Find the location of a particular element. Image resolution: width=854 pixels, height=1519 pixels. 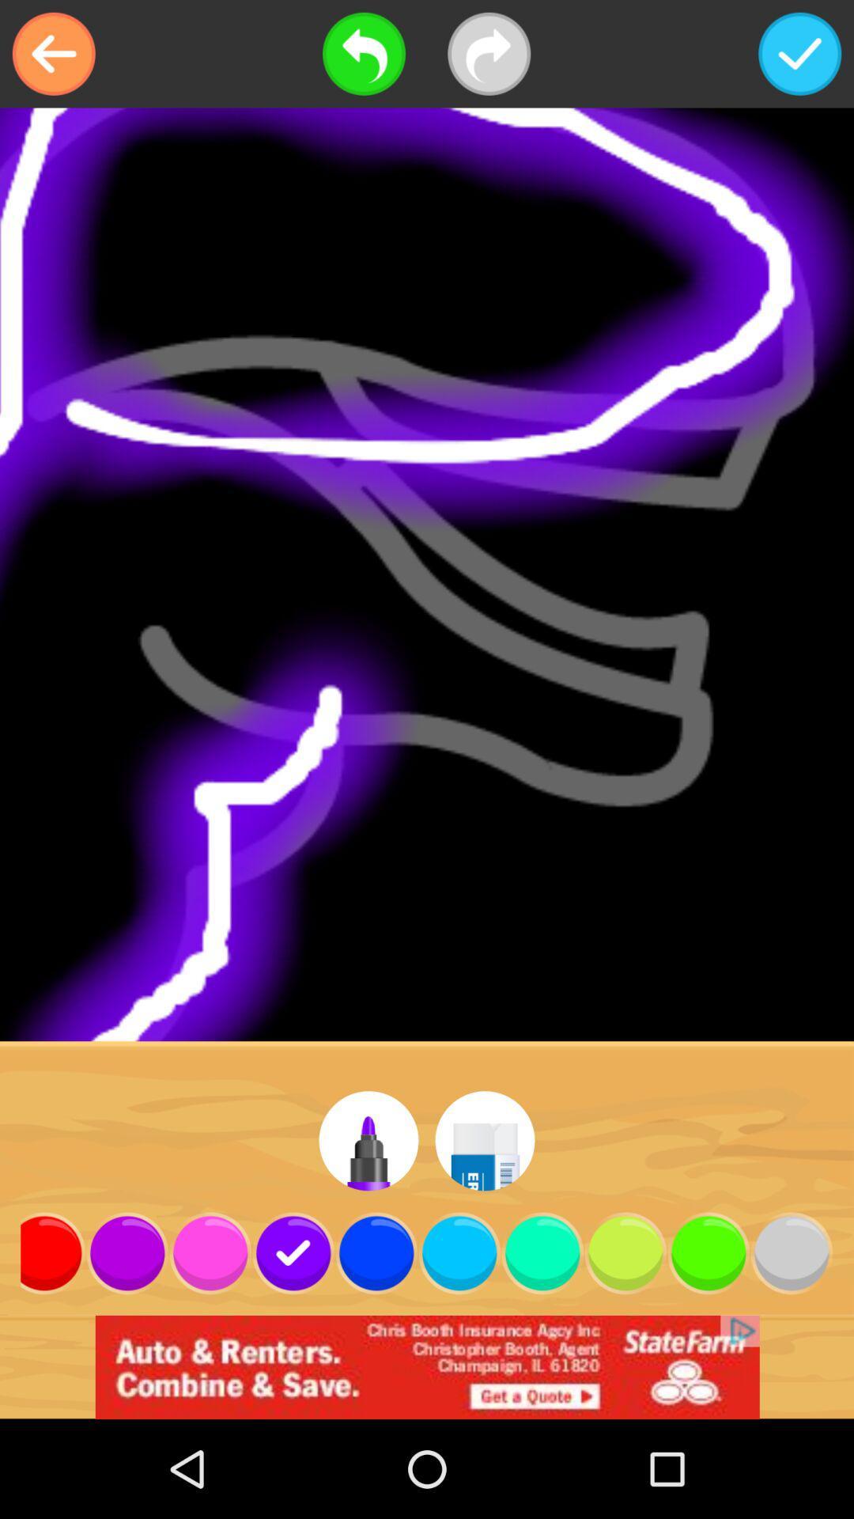

and complete drawing is located at coordinates (799, 54).